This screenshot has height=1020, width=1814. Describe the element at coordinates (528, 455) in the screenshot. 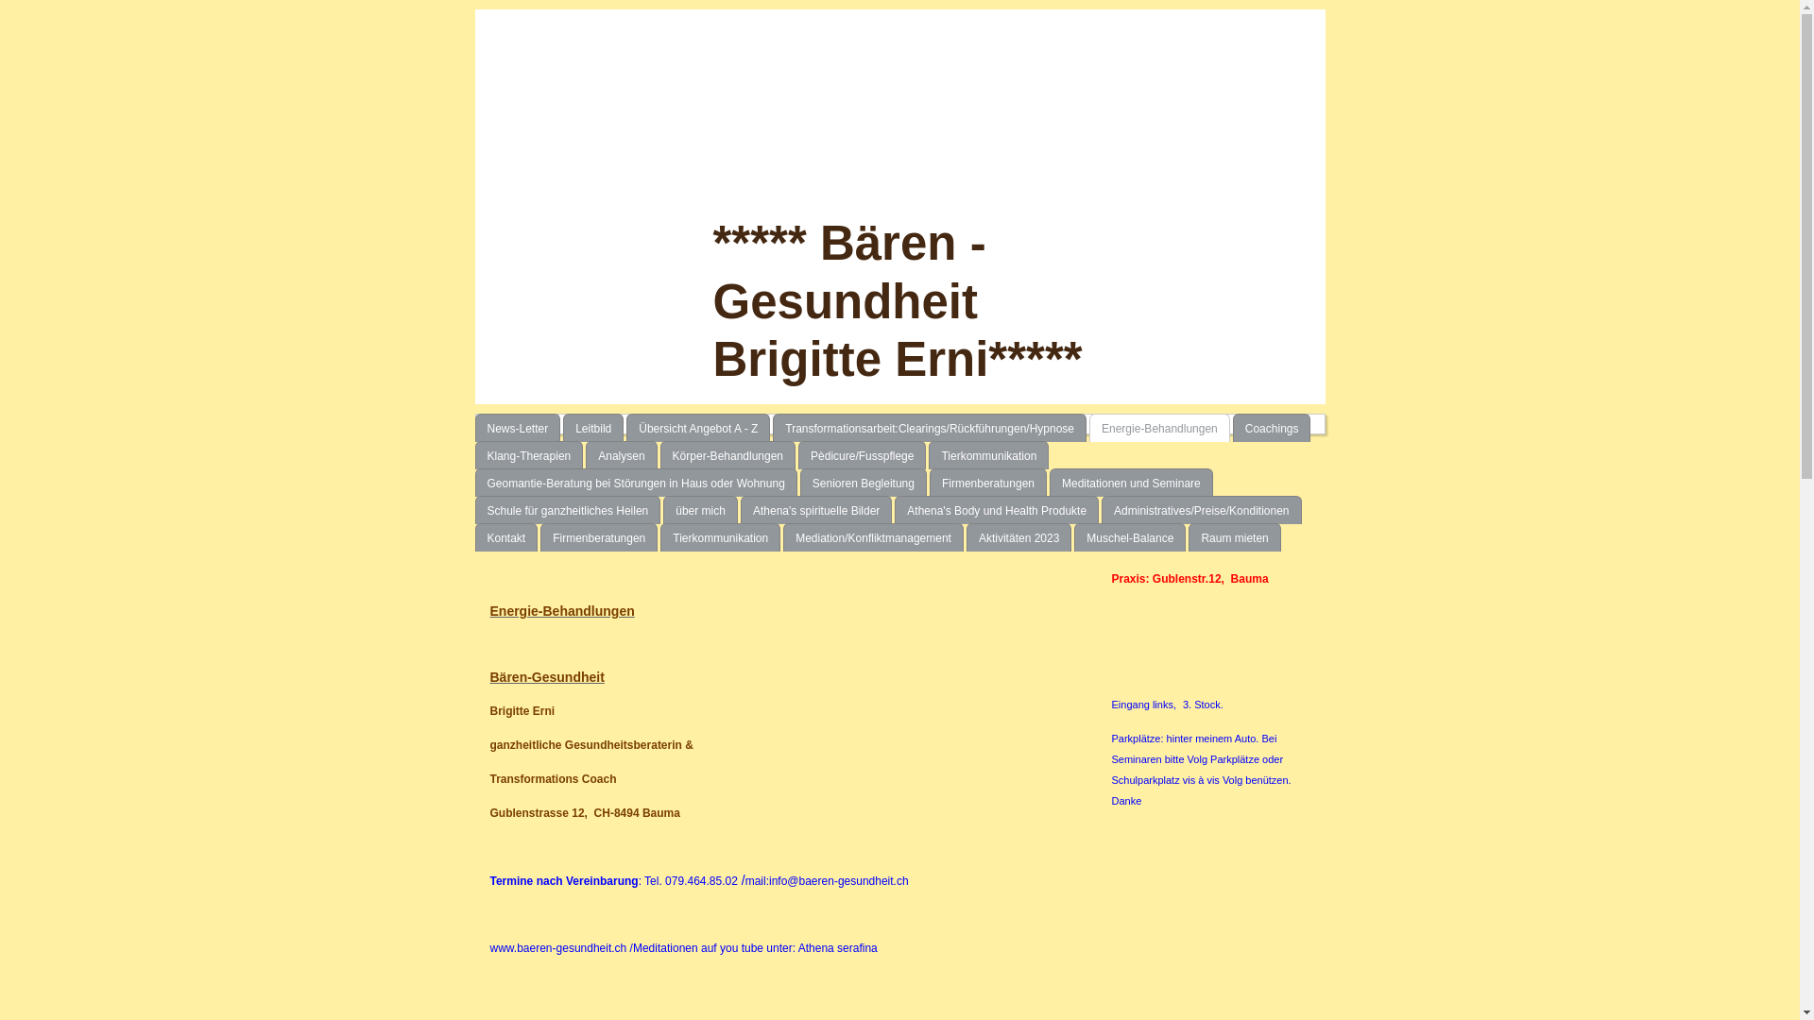

I see `'Klang-Therapien'` at that location.